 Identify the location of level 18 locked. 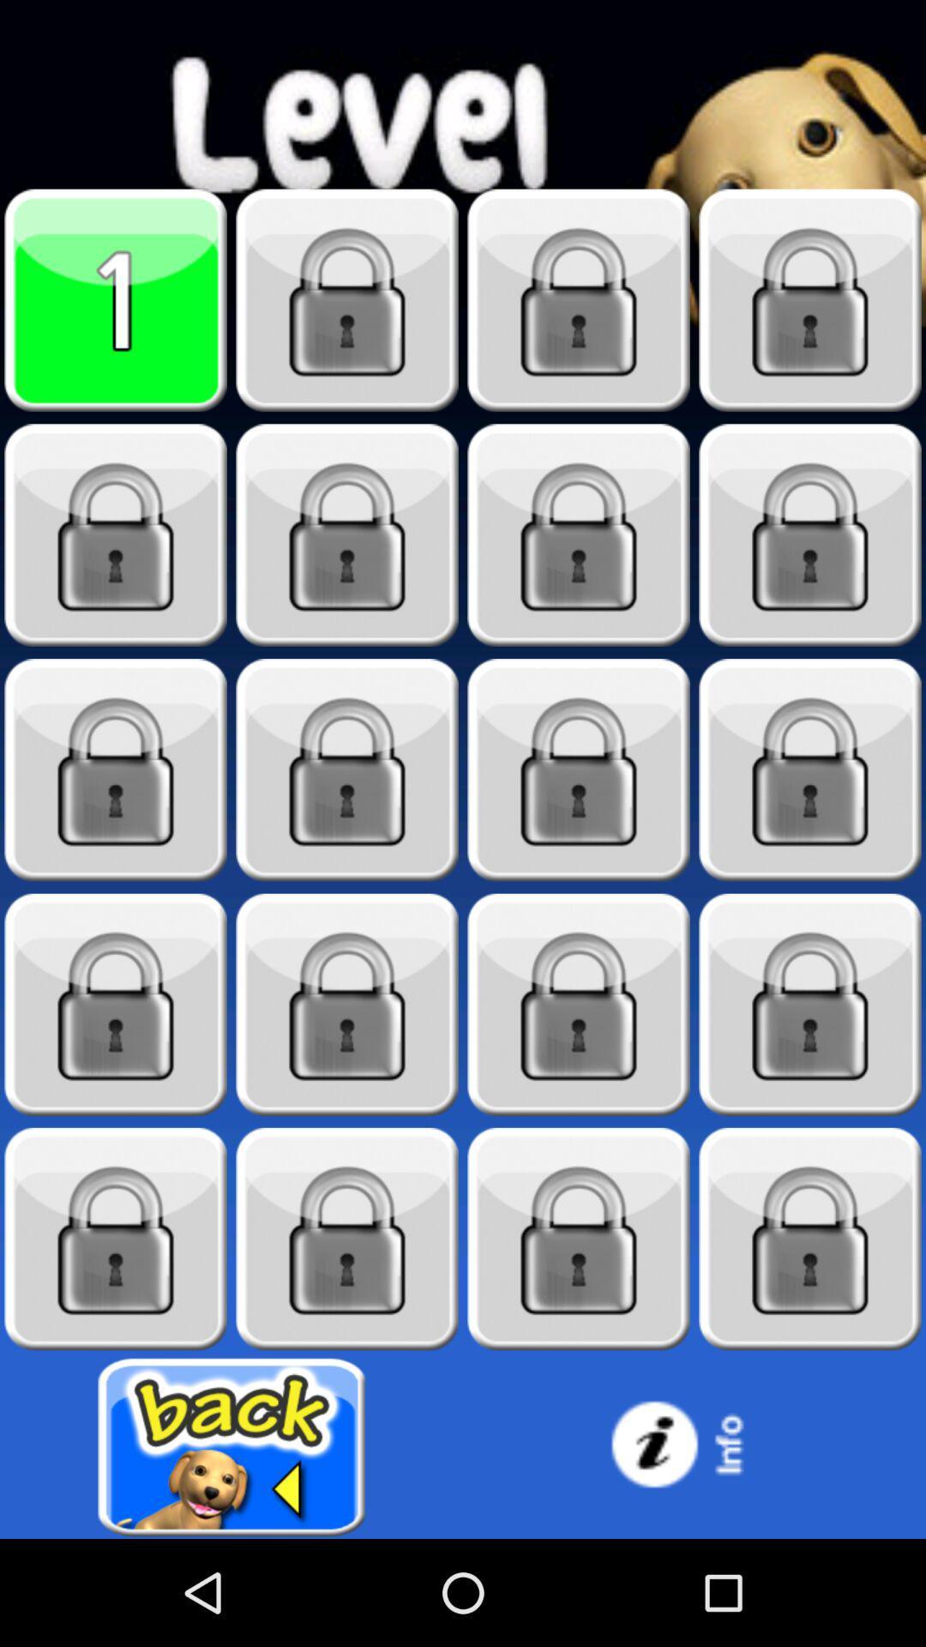
(347, 1239).